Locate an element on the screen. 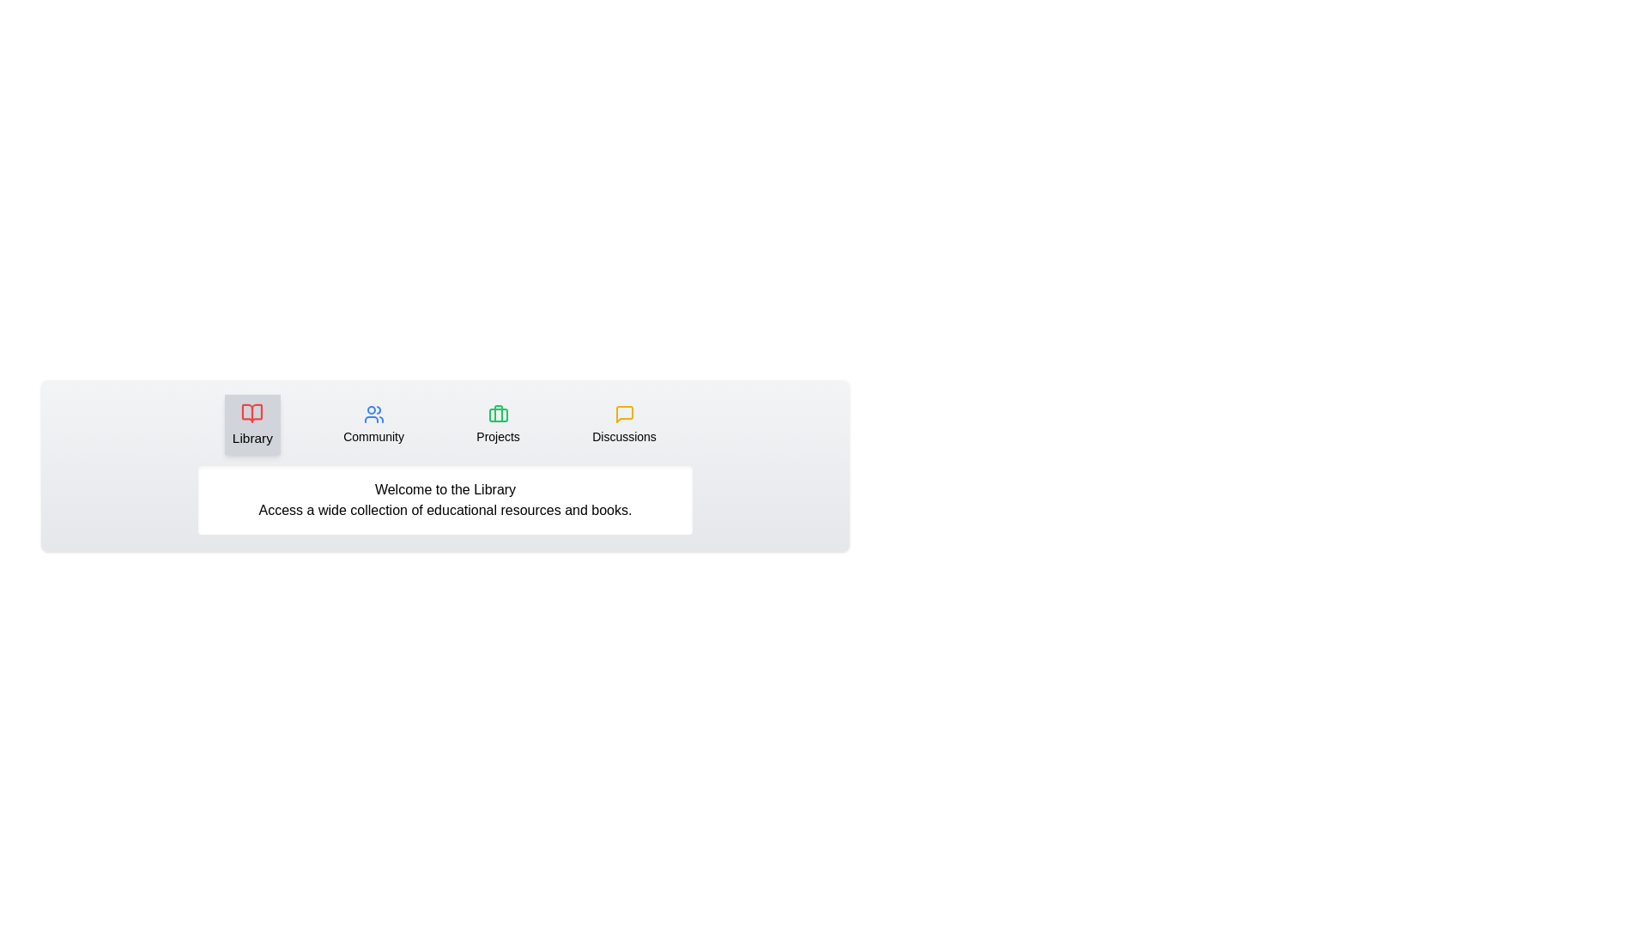 The image size is (1648, 927). the 'Projects' text label, which is a medium-sized, bold font part of the navigation panel, located below a green briefcase icon is located at coordinates (497, 436).